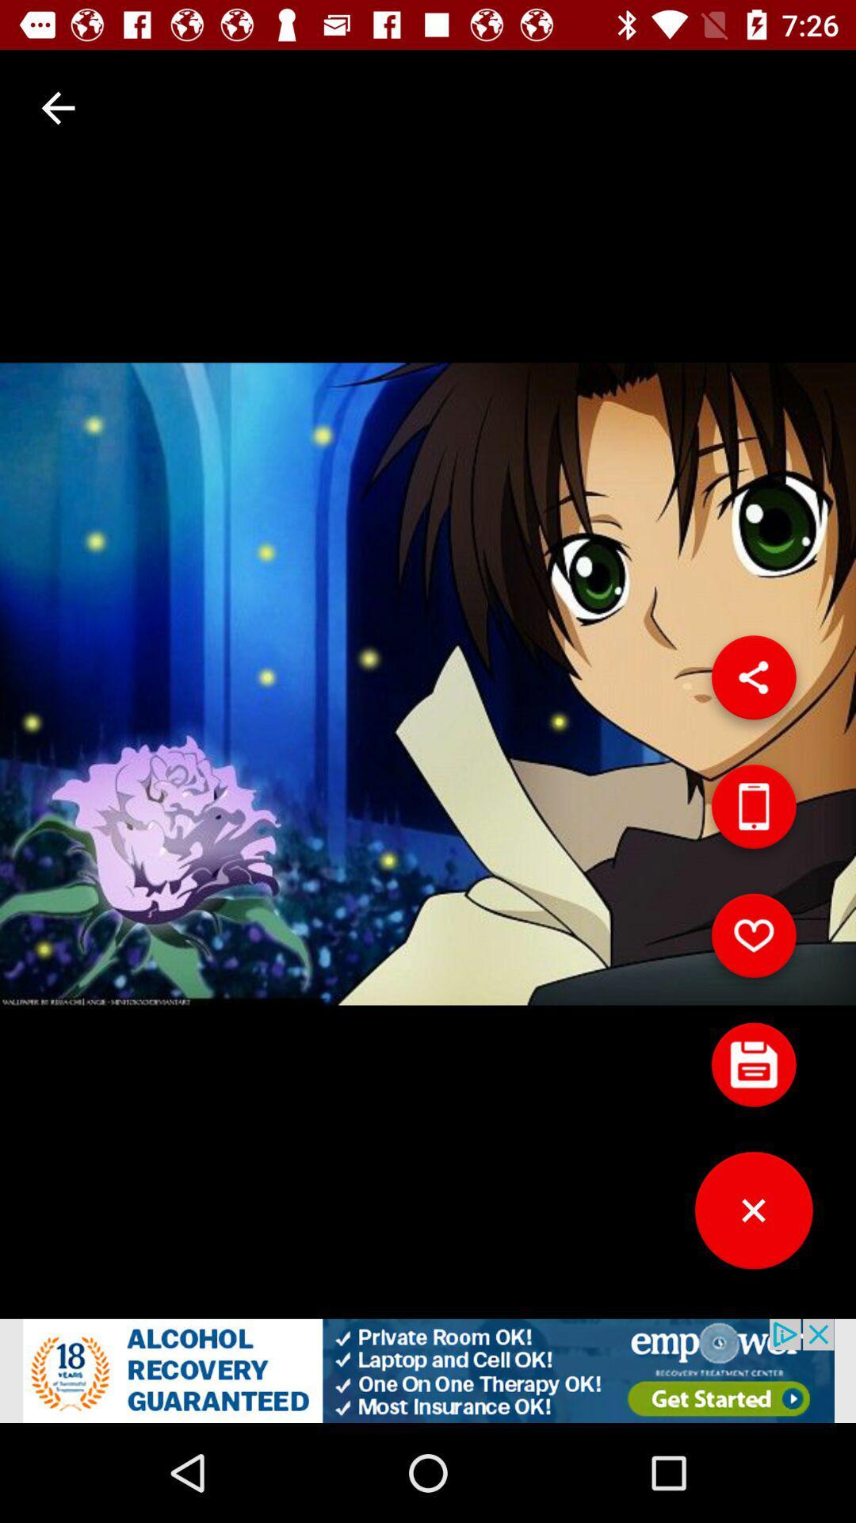 Image resolution: width=856 pixels, height=1523 pixels. I want to click on button option, so click(753, 1071).